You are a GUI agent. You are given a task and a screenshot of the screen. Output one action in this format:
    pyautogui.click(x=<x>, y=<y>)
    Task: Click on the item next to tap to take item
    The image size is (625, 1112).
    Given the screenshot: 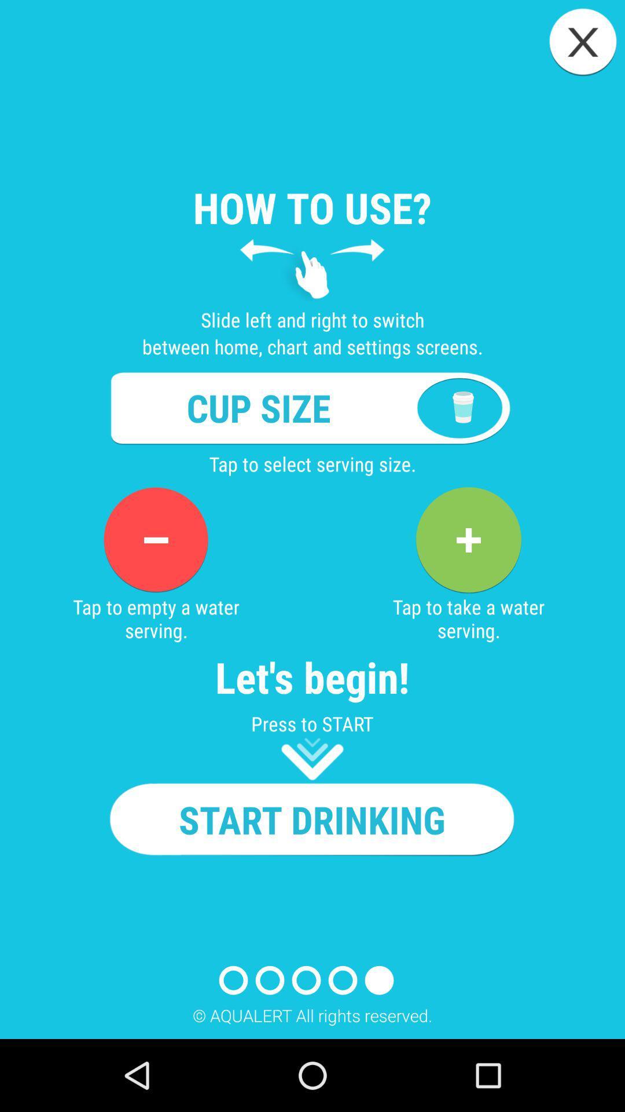 What is the action you would take?
    pyautogui.click(x=155, y=539)
    